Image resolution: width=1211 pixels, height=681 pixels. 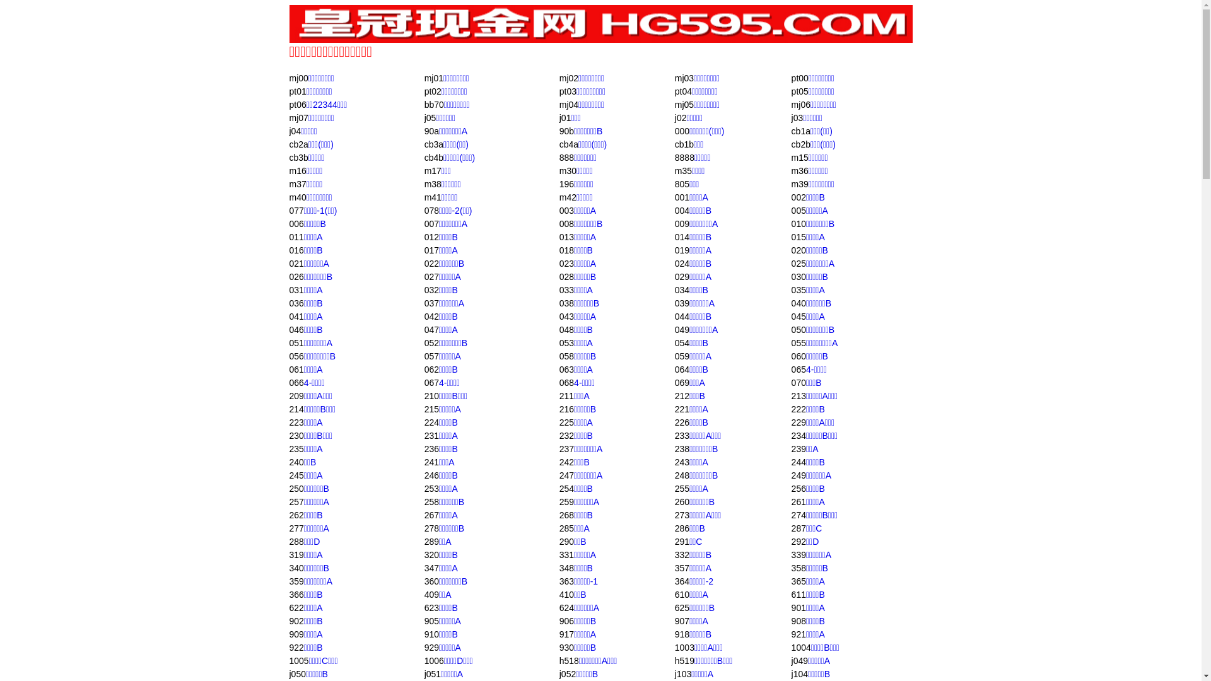 What do you see at coordinates (431, 409) in the screenshot?
I see `'215'` at bounding box center [431, 409].